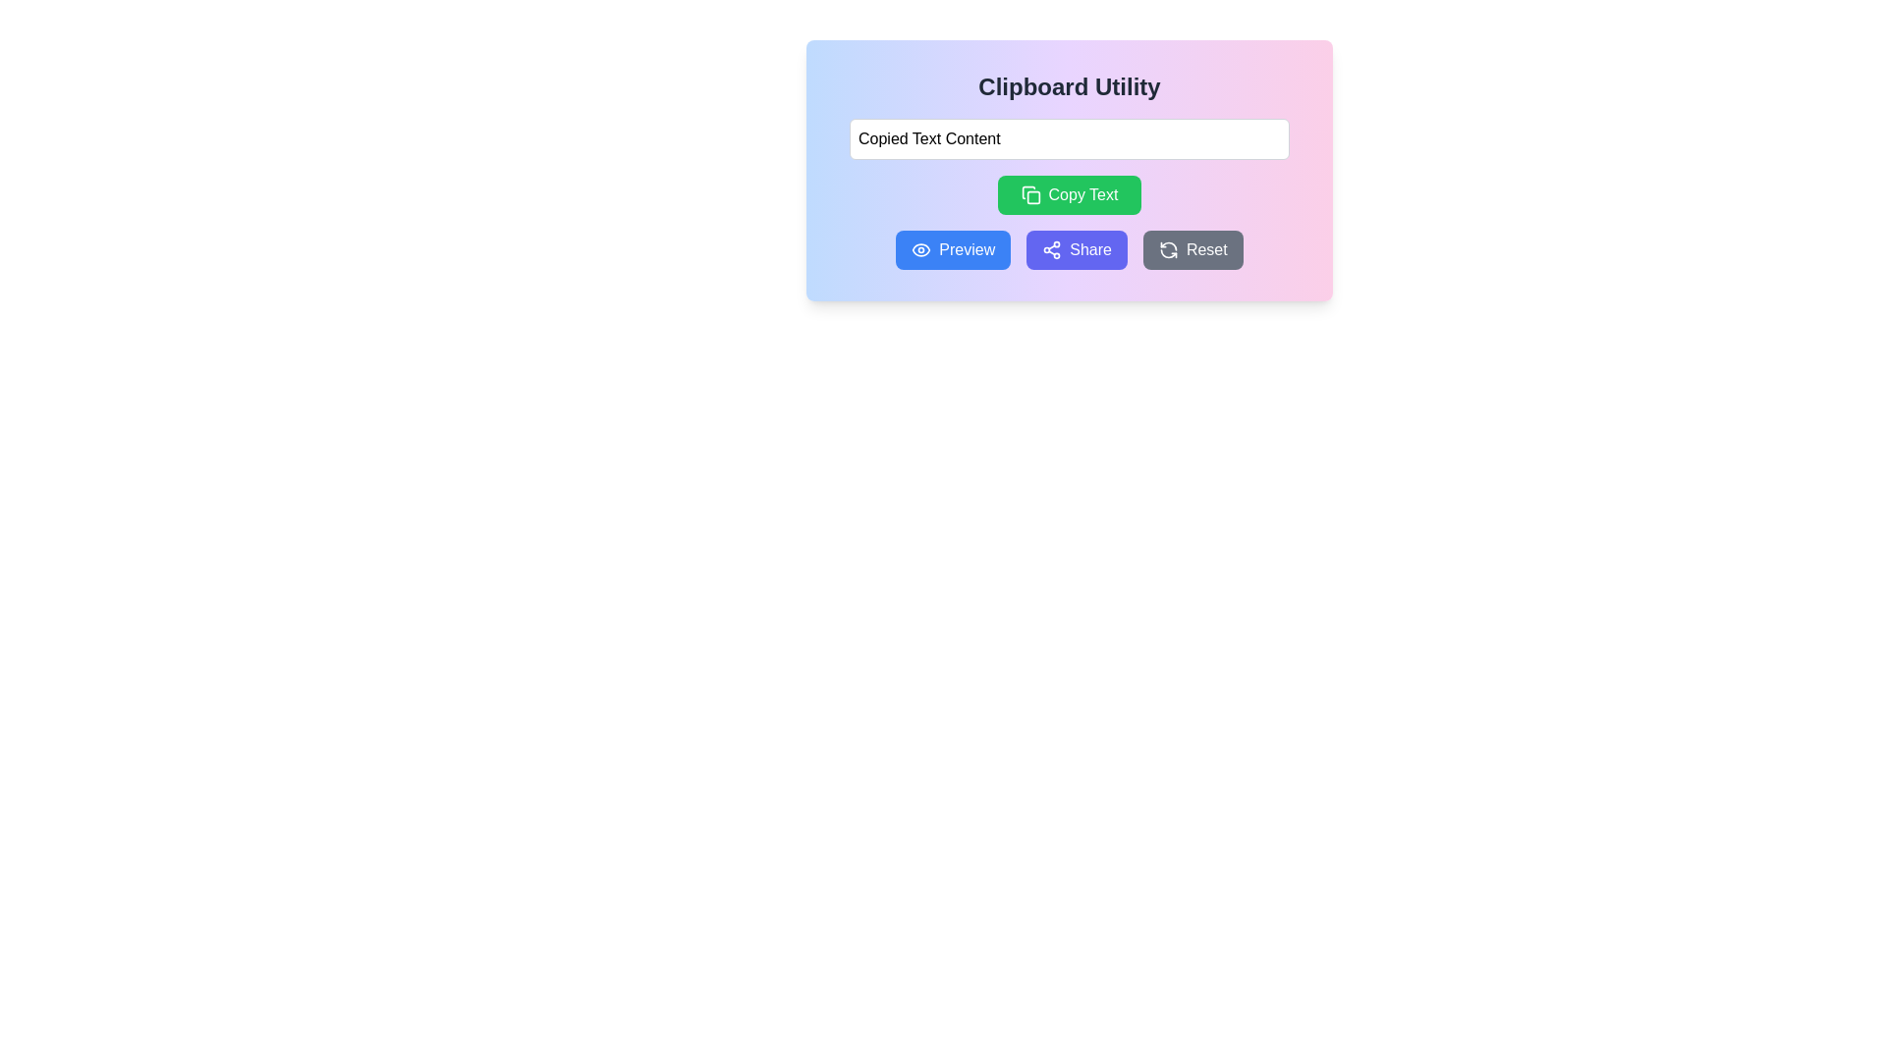 The height and width of the screenshot is (1060, 1886). Describe the element at coordinates (1031, 197) in the screenshot. I see `the green rectangle with rounded corners that is part of the 'Copy Text' button, positioned in the center area of the interface` at that location.